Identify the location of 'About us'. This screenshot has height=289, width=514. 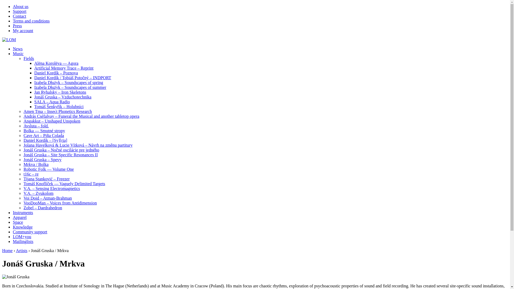
(20, 6).